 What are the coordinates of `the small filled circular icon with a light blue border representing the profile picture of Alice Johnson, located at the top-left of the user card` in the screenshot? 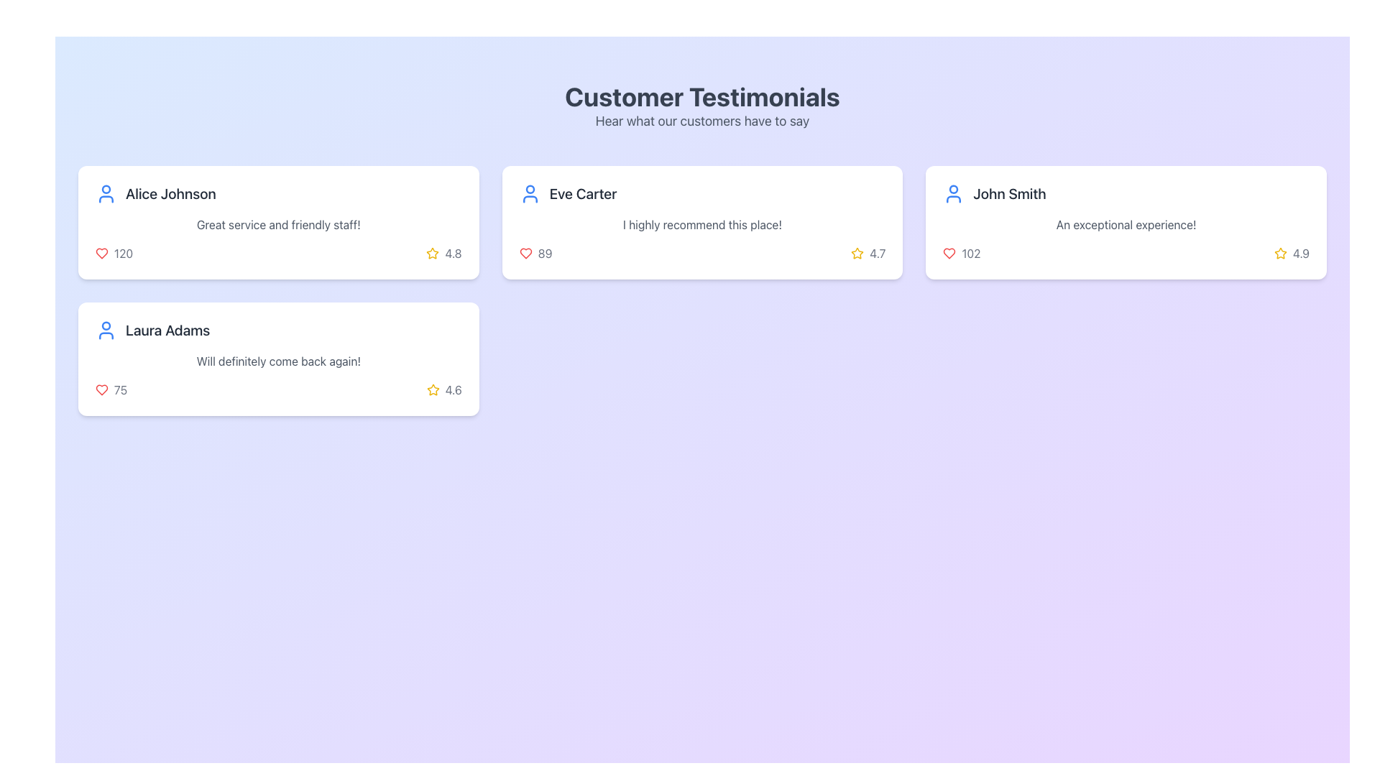 It's located at (106, 188).